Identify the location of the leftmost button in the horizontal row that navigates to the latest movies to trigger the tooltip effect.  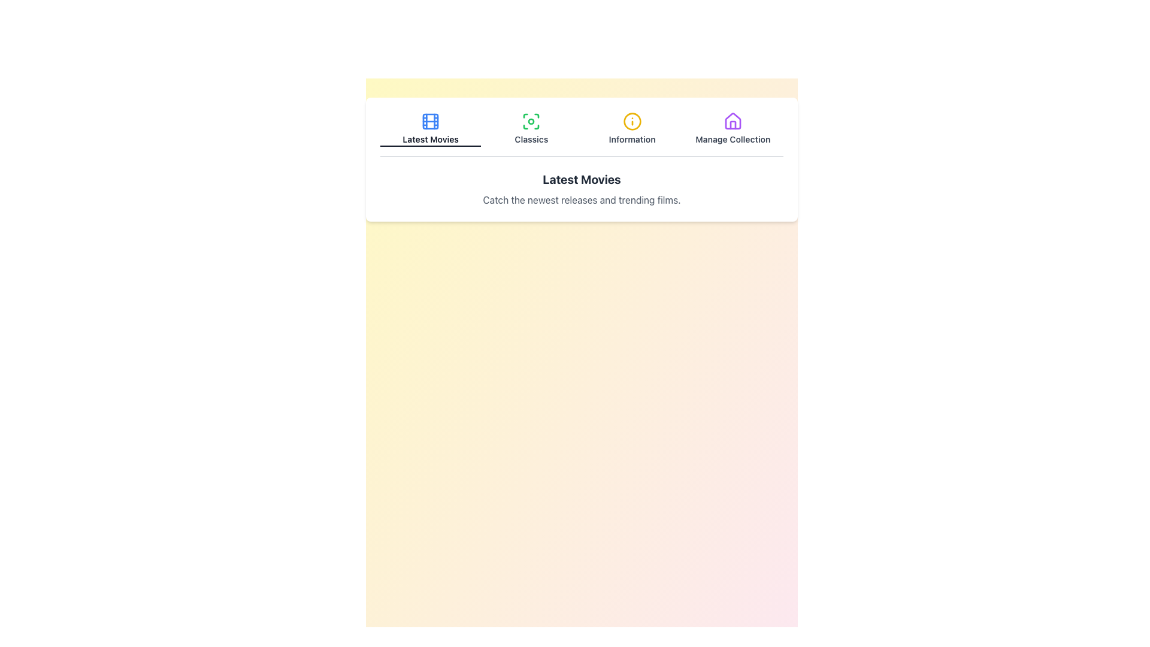
(431, 129).